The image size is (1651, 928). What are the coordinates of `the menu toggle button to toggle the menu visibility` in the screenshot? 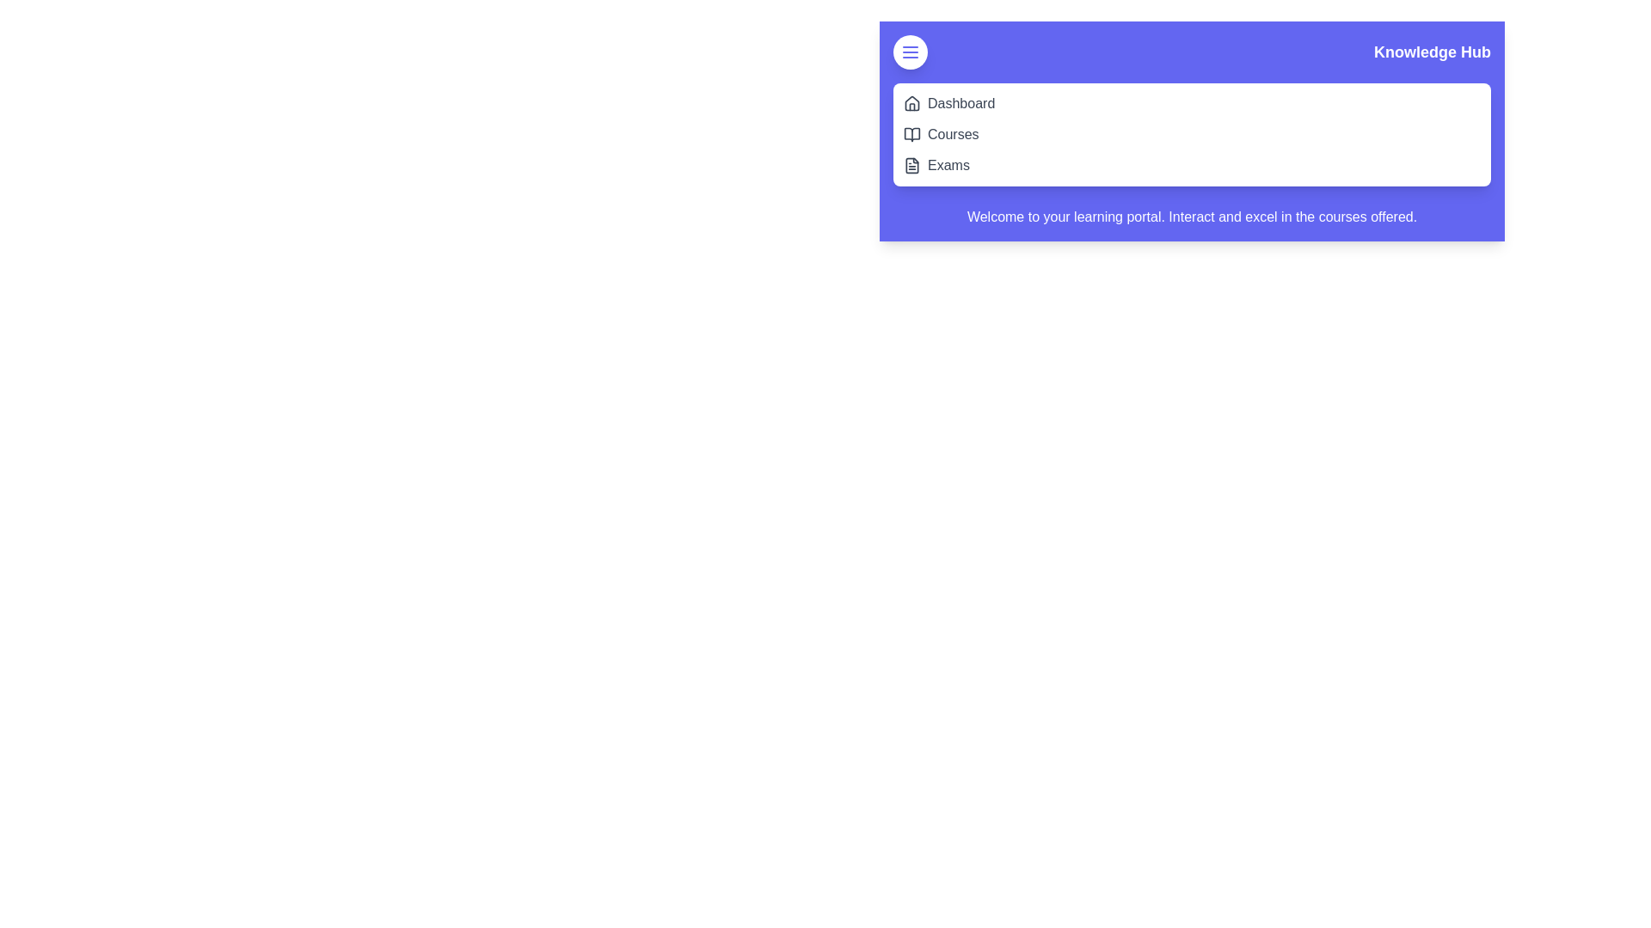 It's located at (910, 52).